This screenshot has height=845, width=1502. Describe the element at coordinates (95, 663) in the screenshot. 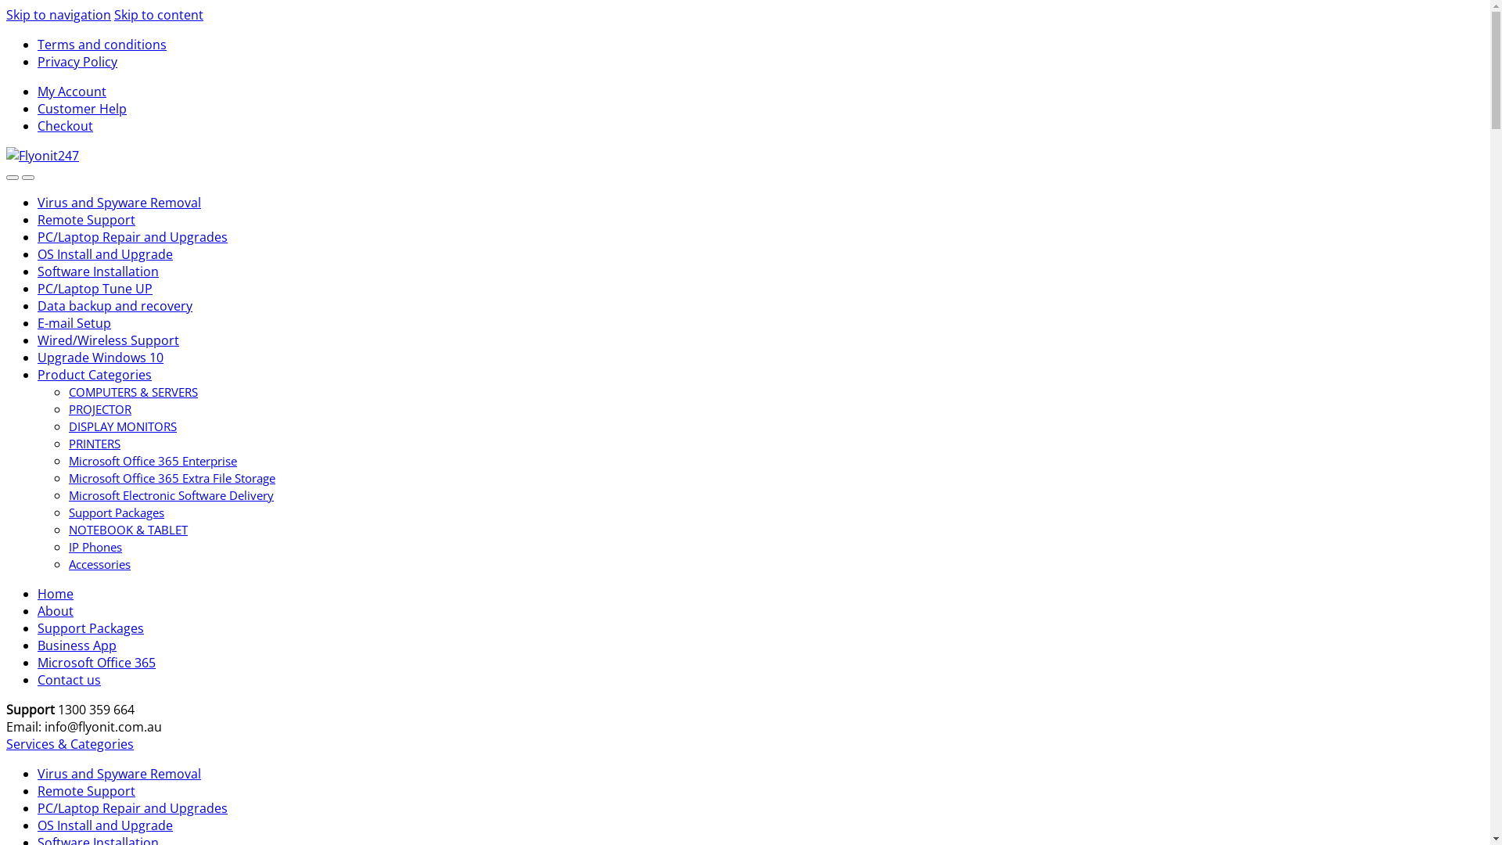

I see `'Microsoft Office 365'` at that location.